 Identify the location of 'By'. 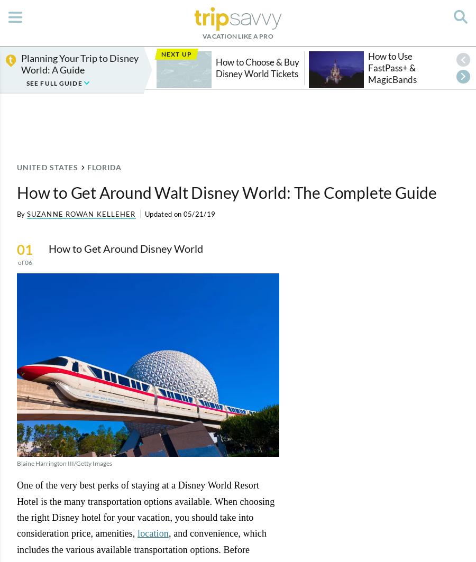
(20, 214).